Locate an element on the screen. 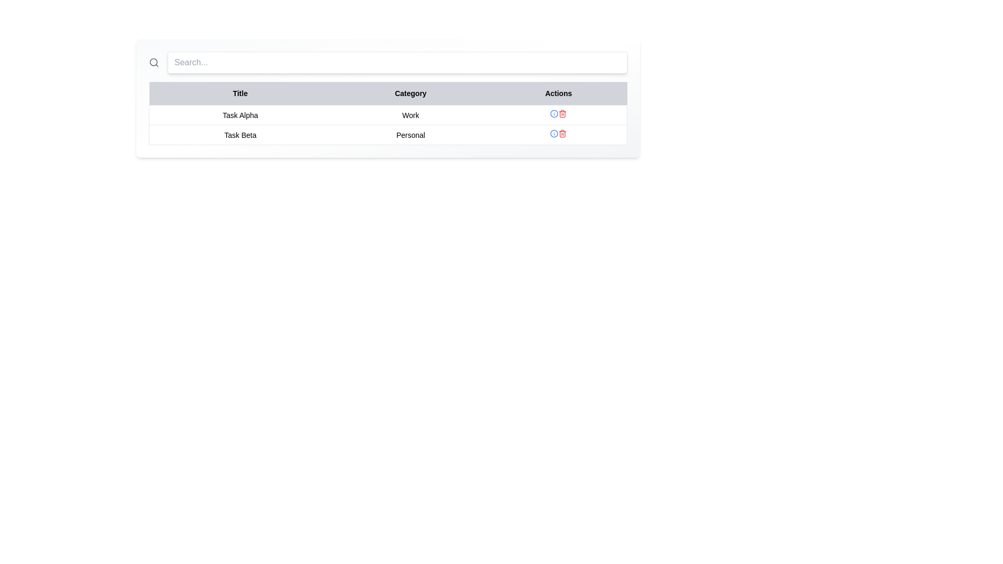 This screenshot has height=564, width=1003. the text label displaying 'Task Beta' is located at coordinates (240, 134).